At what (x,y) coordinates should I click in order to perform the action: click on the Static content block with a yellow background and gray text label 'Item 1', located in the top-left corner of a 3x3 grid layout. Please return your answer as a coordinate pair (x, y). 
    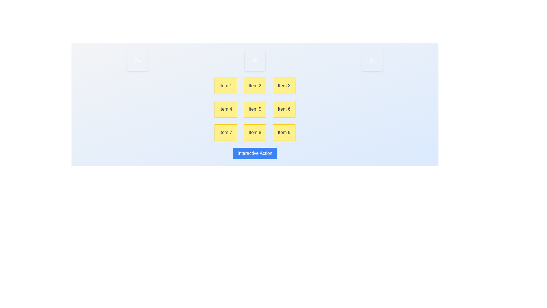
    Looking at the image, I should click on (225, 86).